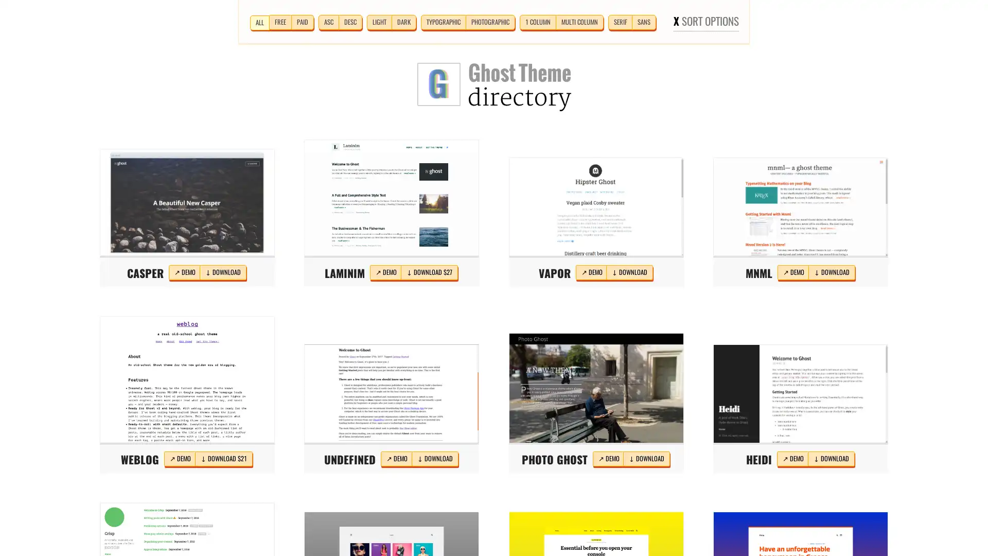 This screenshot has width=988, height=556. I want to click on FREE, so click(279, 22).